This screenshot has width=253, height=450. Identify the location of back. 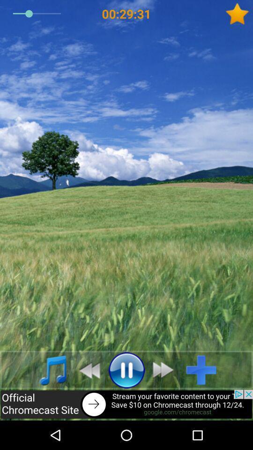
(126, 405).